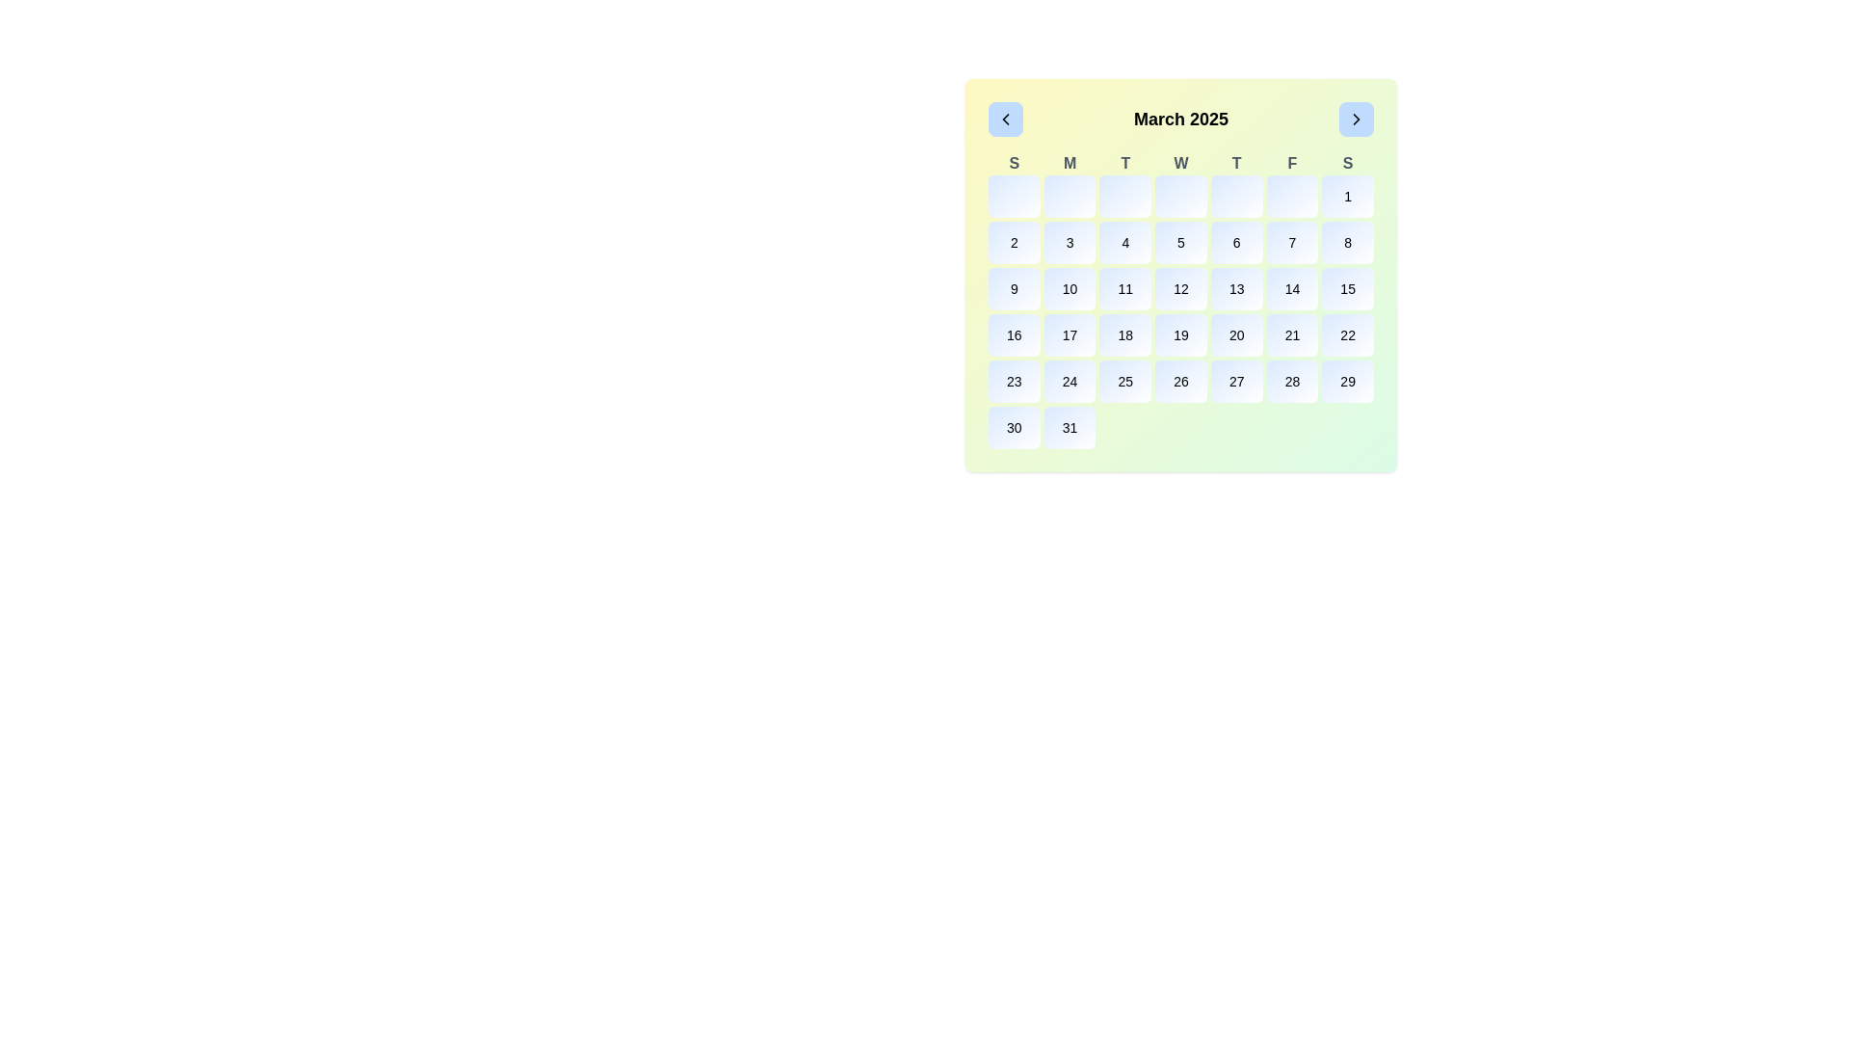  I want to click on the calendar day button for March 26, 2025, which is styled as a small rounded rectangle with a gradient background and displays the number '26' in black, so click(1179, 382).